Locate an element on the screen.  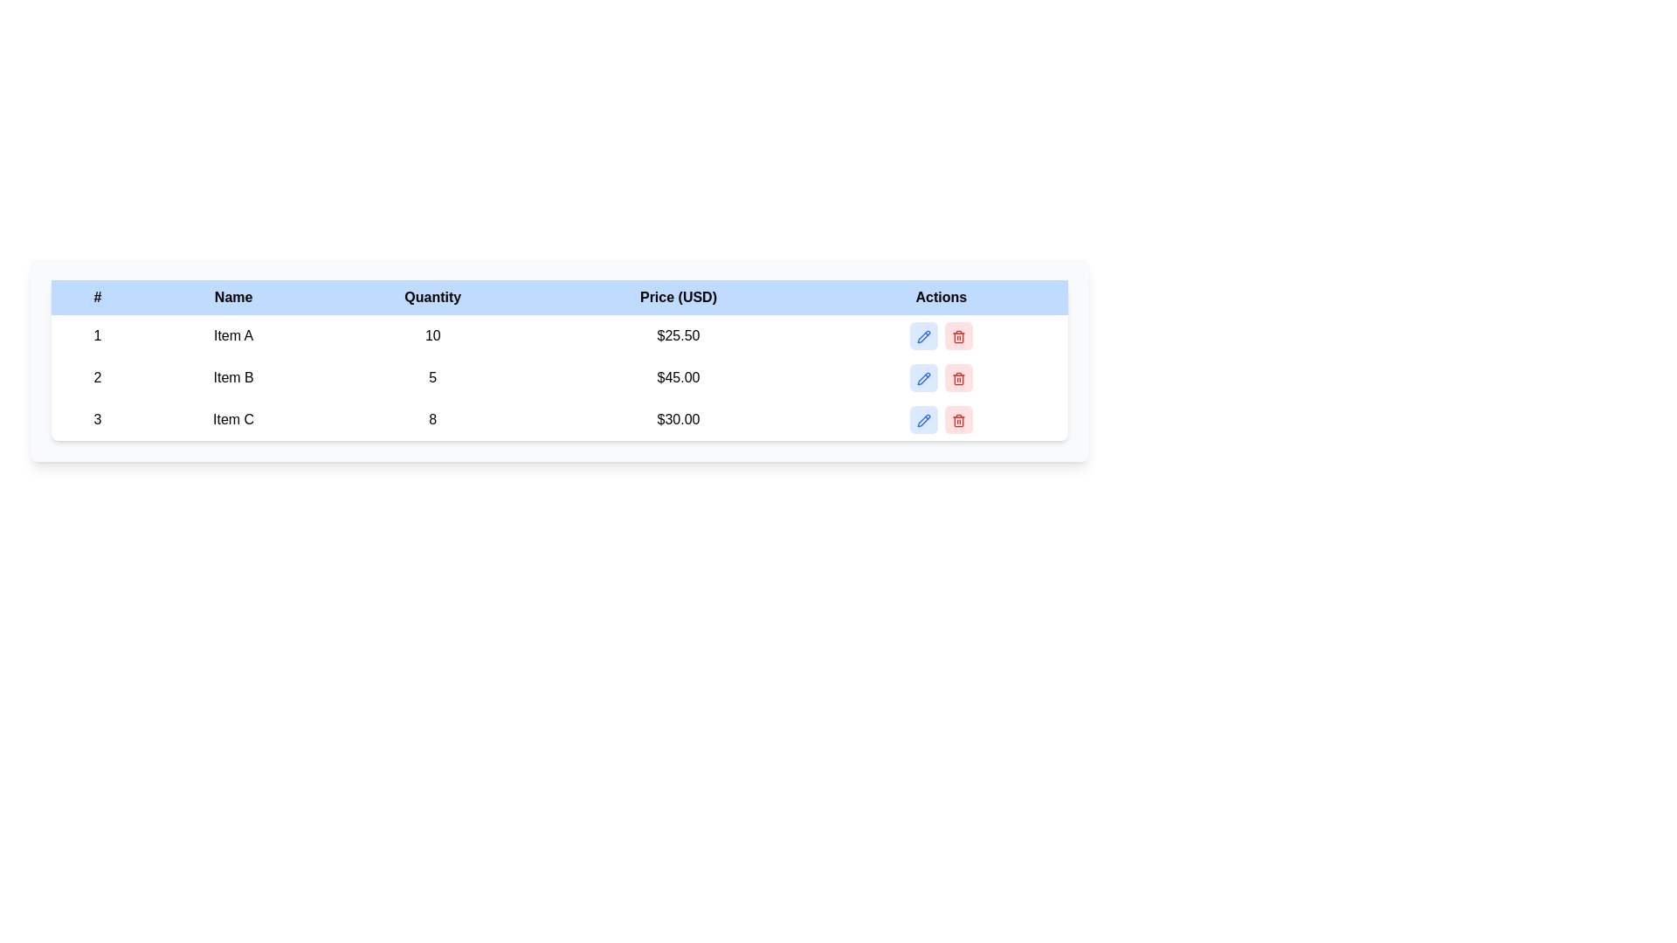
the text label displaying 'Item C' located in the second column of the third row of a table, which is positioned between the numeric entry '3' and the quantity '8' is located at coordinates (232, 420).